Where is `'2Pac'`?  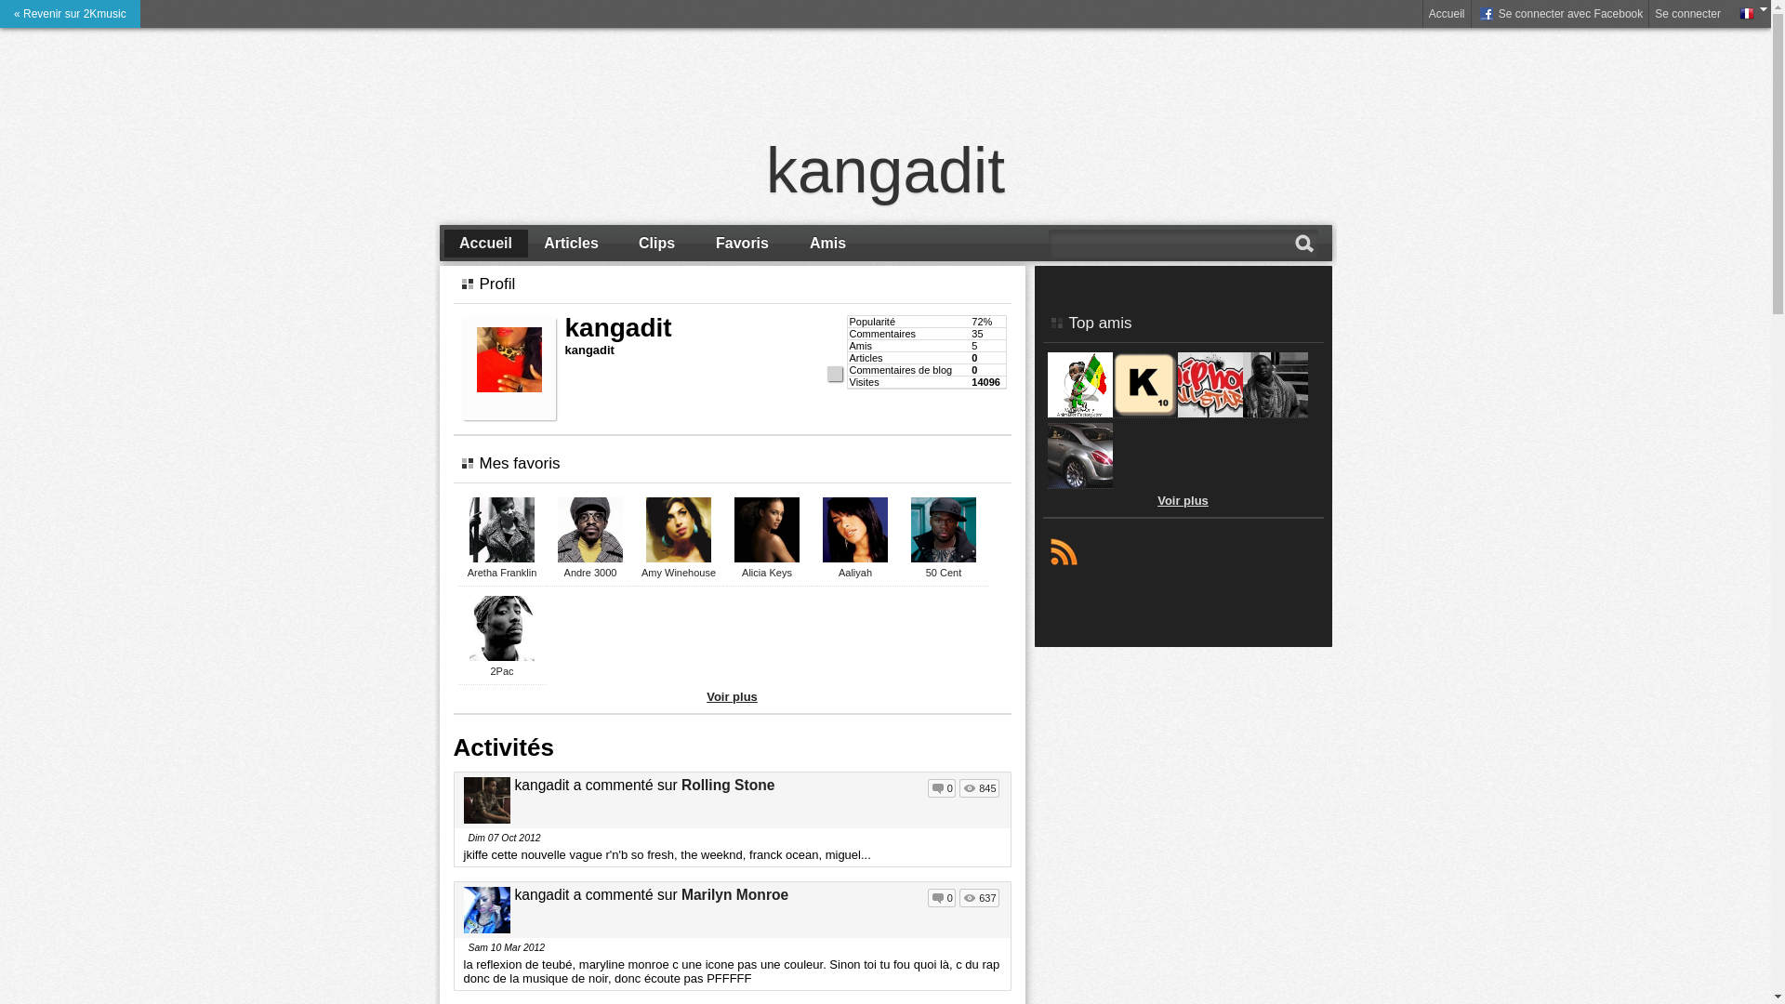
'2Pac' is located at coordinates (501, 670).